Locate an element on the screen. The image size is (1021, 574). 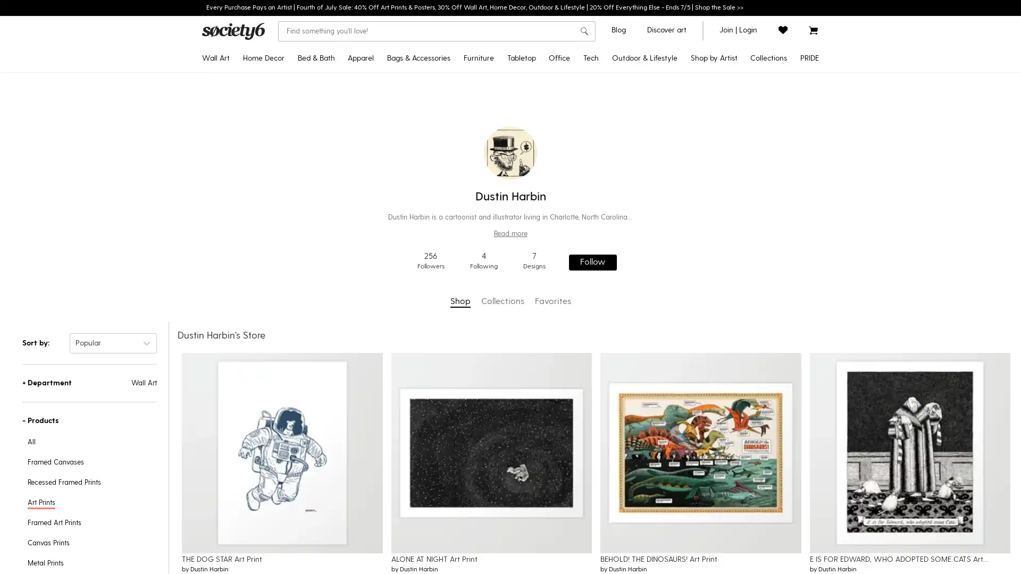
Wall Hangings is located at coordinates (250, 239).